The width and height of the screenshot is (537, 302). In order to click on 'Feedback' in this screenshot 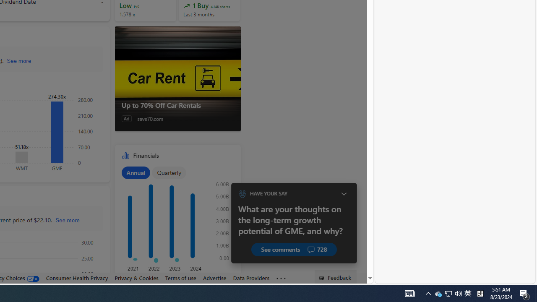, I will do `click(336, 276)`.